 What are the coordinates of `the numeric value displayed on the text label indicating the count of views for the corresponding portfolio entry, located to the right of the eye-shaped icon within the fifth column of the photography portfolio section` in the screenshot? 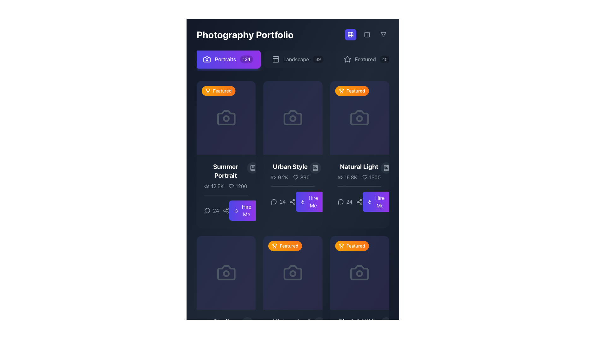 It's located at (284, 332).